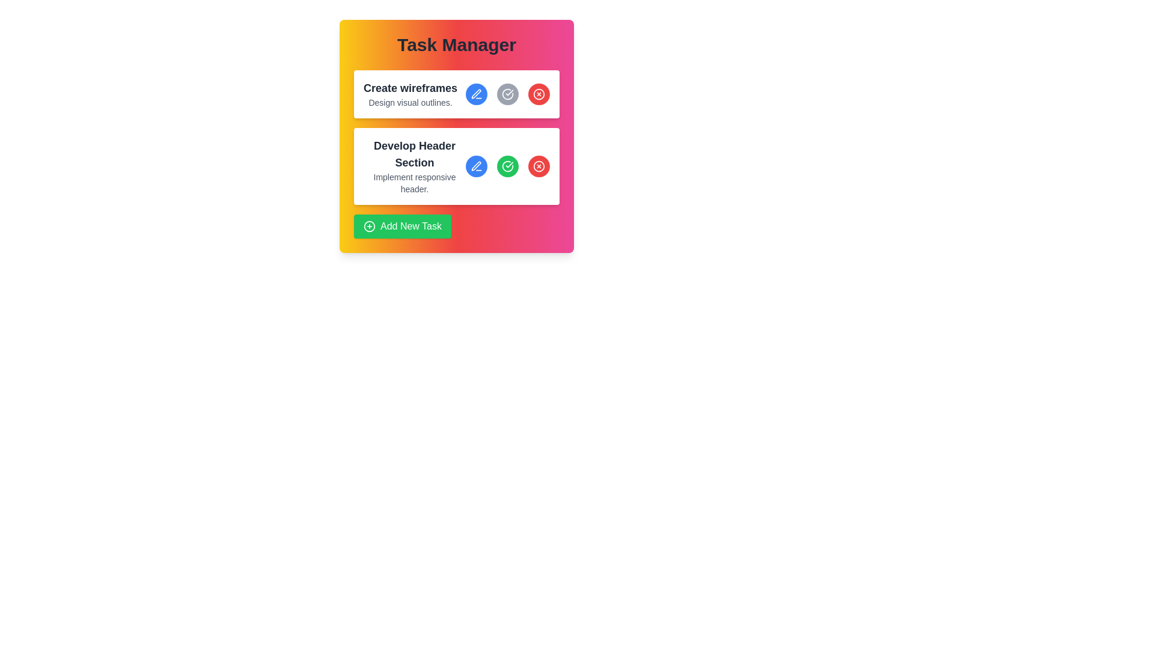 Image resolution: width=1154 pixels, height=649 pixels. What do you see at coordinates (507, 94) in the screenshot?
I see `the circular gray refresh button with a white arrow symbol in its center, located in the group of three action buttons on the top-right section of the window` at bounding box center [507, 94].